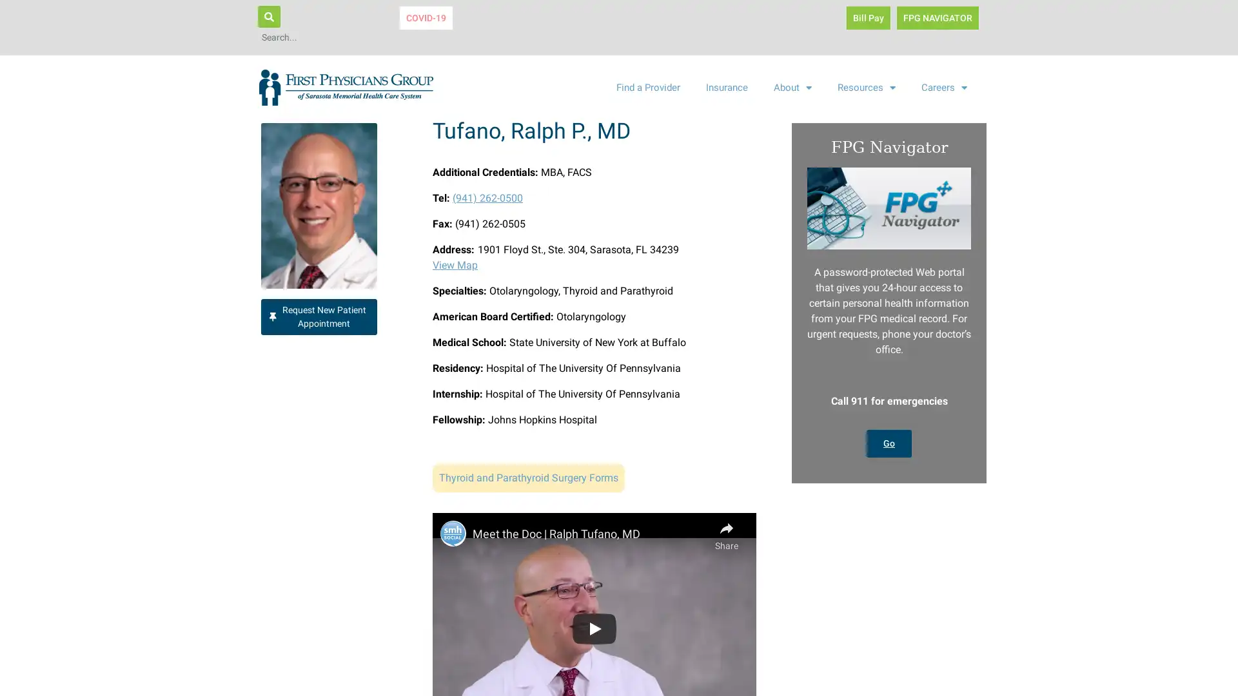 This screenshot has width=1238, height=696. Describe the element at coordinates (937, 17) in the screenshot. I see `FPG NAVIGATOR` at that location.